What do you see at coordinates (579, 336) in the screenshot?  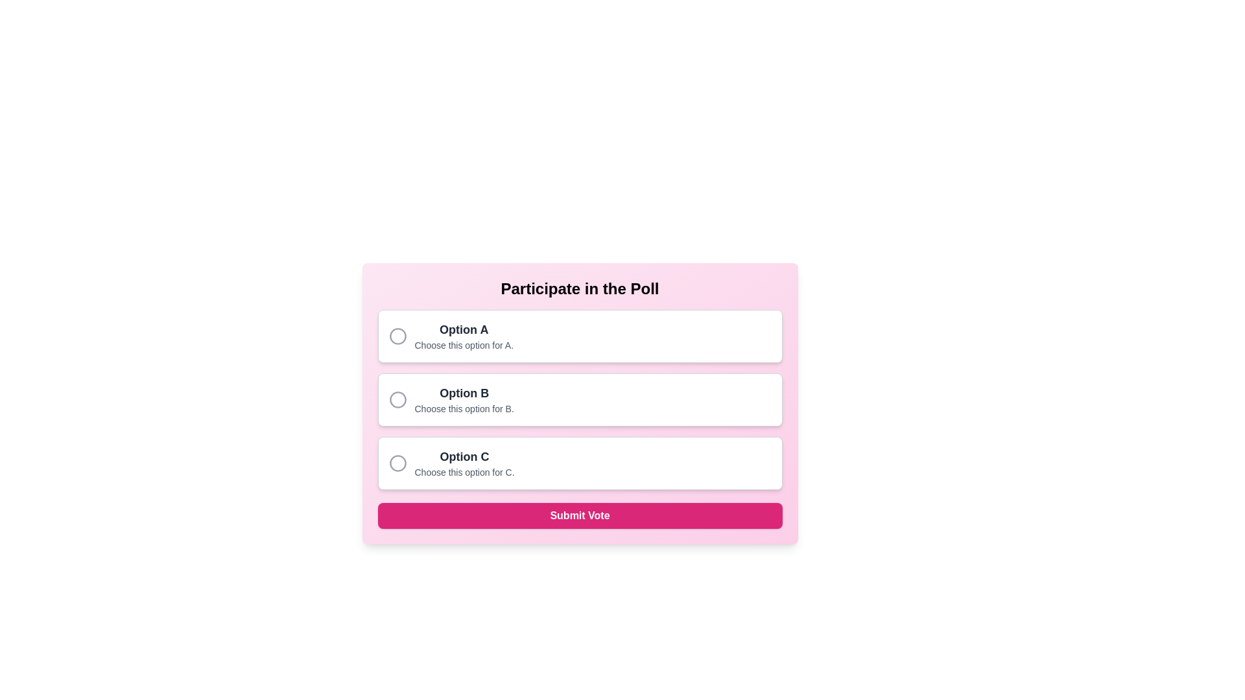 I see `the first radio button labeled 'Option A'` at bounding box center [579, 336].